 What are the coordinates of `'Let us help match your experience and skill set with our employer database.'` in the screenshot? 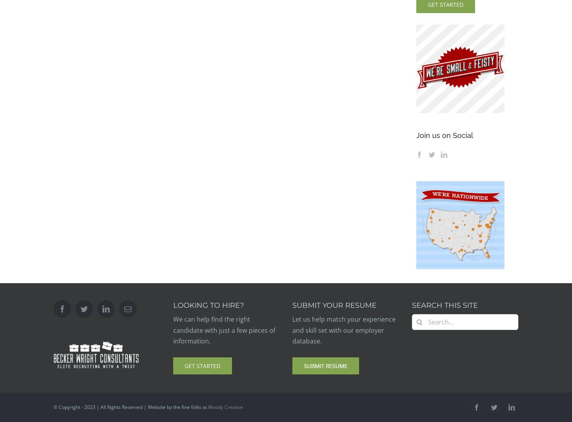 It's located at (344, 330).